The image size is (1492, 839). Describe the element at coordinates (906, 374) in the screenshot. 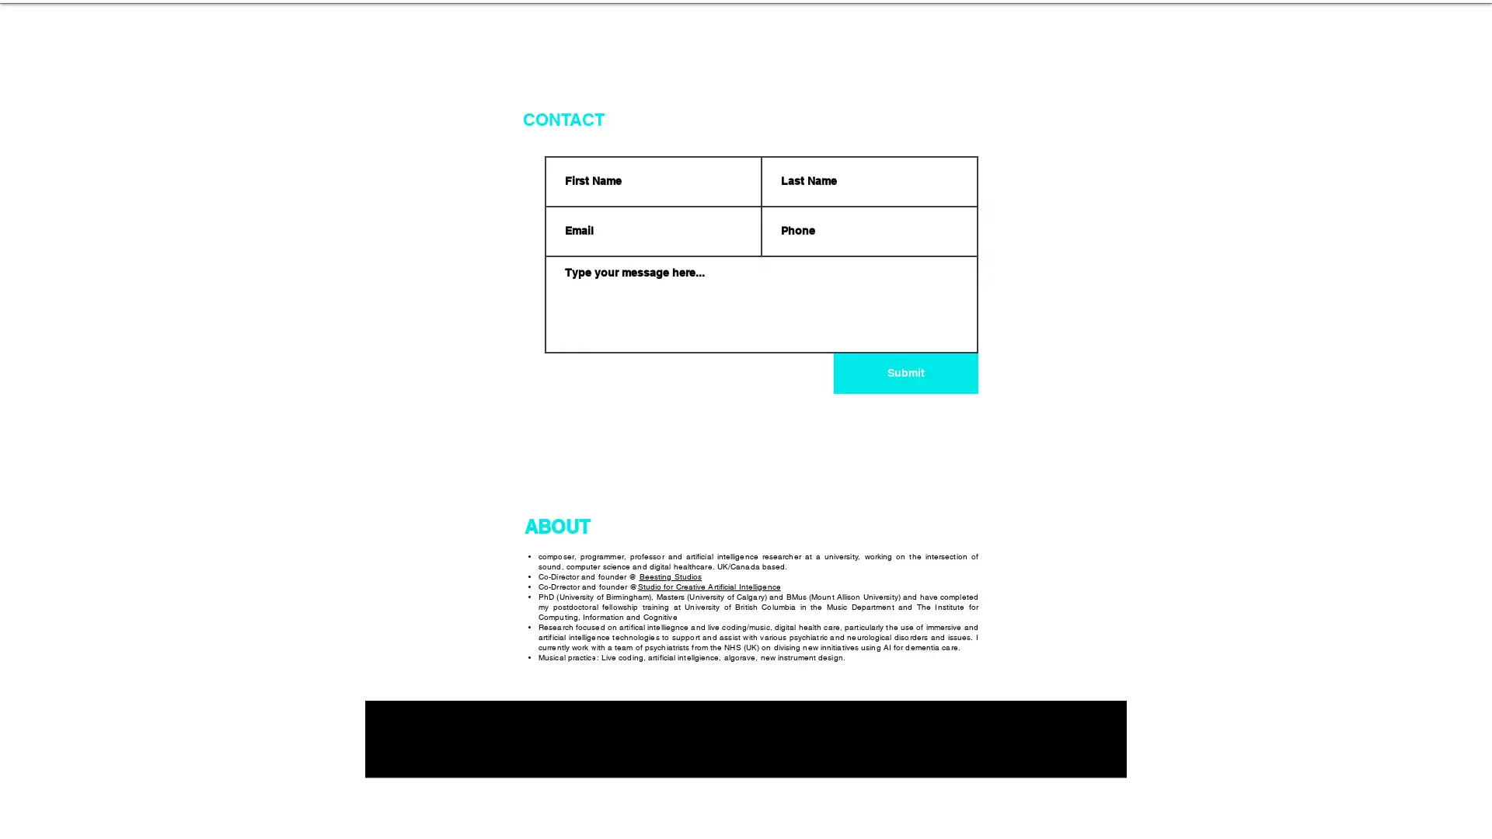

I see `Submit` at that location.